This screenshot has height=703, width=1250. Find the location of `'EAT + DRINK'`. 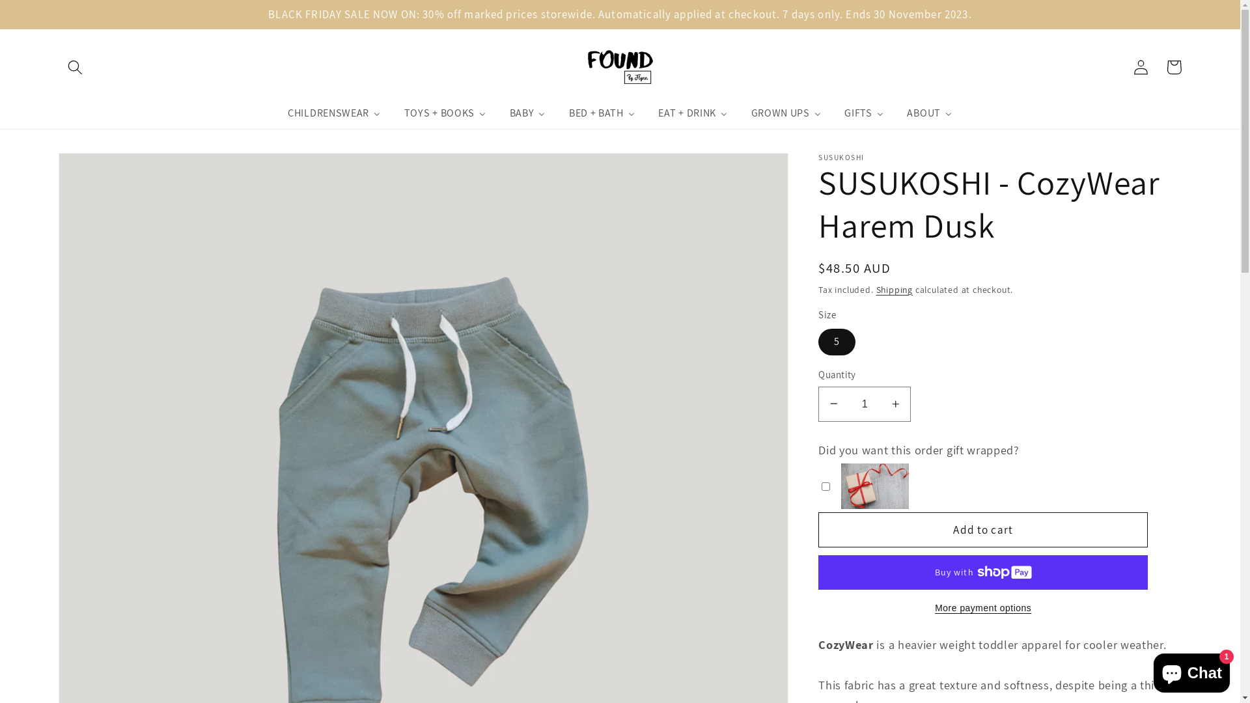

'EAT + DRINK' is located at coordinates (693, 112).